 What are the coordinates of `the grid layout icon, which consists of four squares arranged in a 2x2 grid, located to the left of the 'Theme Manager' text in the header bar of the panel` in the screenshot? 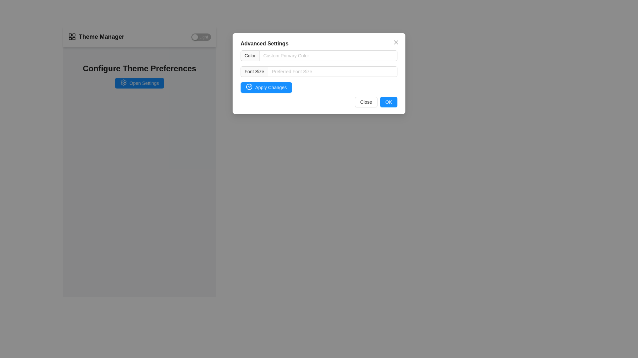 It's located at (72, 37).